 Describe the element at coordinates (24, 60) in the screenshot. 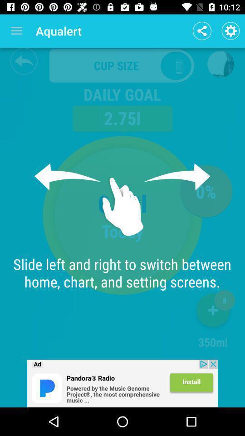

I see `the reply icon` at that location.